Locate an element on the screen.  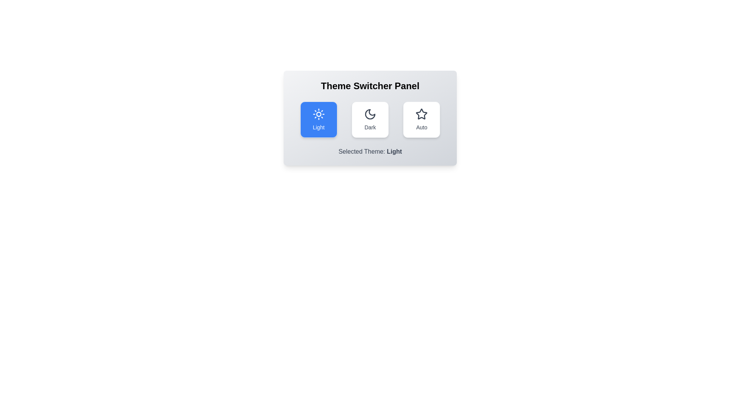
the text label that indicates the currently selected theme option located centrally at the bottom of the 'Theme Switcher Panel' card layout is located at coordinates (370, 152).